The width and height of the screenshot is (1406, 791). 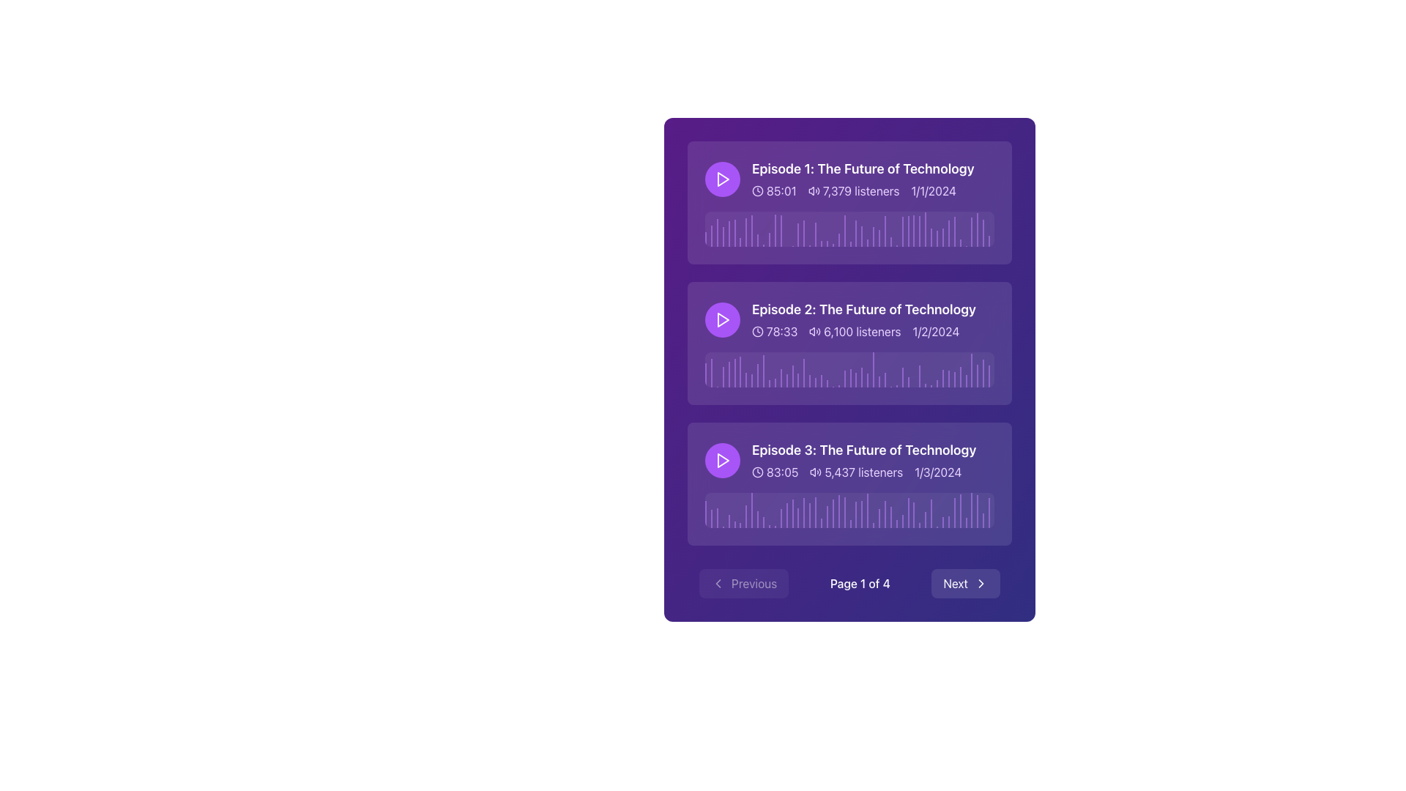 I want to click on the Content summary block, which serves as a summary for a specific media episode located at the top of a vertically arranged list, just beneath the play button icon, so click(x=849, y=179).